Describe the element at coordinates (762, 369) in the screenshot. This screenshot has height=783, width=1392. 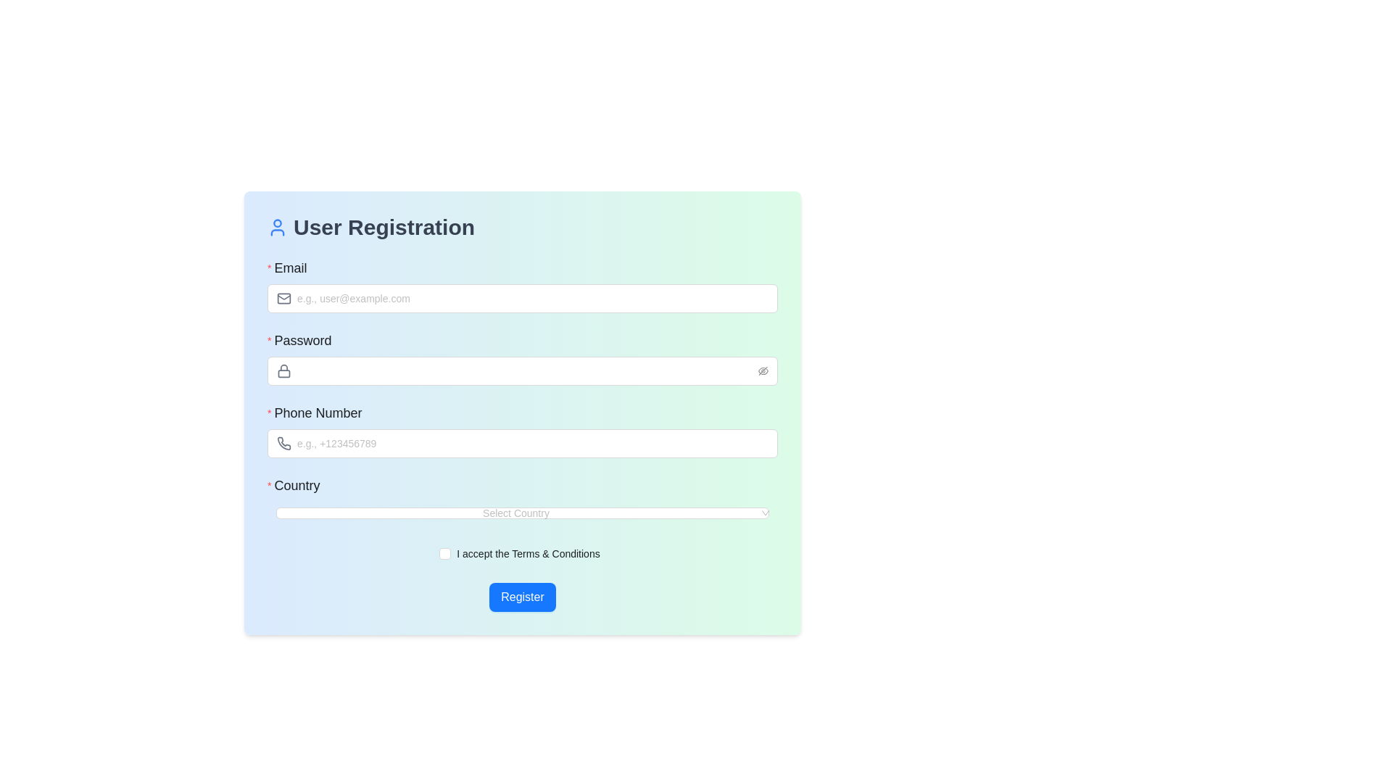
I see `the icon located at the right end of the 'Password' input field` at that location.